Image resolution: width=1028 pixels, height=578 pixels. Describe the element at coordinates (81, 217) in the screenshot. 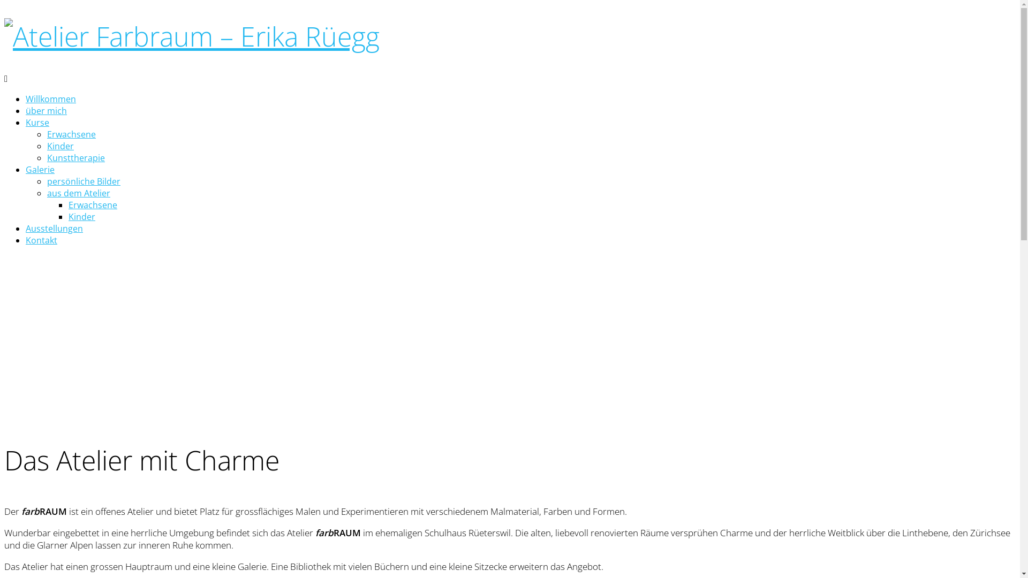

I see `'Kinder'` at that location.